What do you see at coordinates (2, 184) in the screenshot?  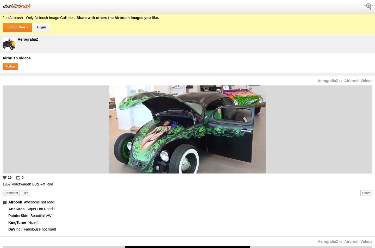 I see `'1967 Volkswagen Bug Rat Rod'` at bounding box center [2, 184].